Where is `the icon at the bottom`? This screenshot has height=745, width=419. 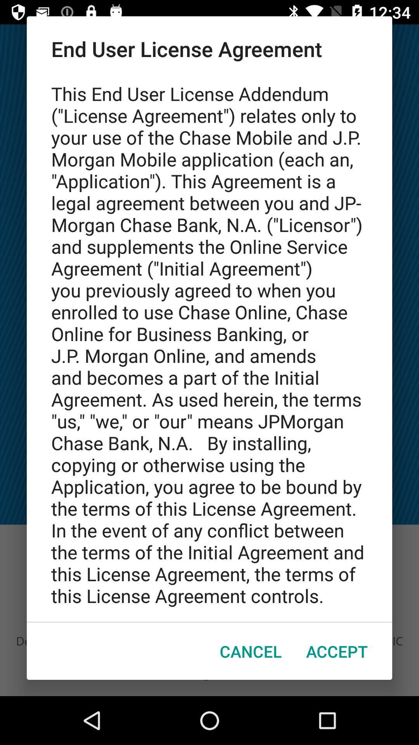
the icon at the bottom is located at coordinates (251, 651).